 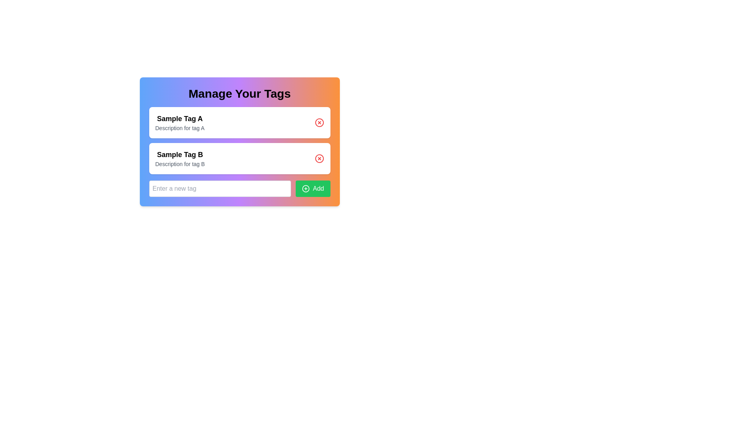 What do you see at coordinates (319, 158) in the screenshot?
I see `the circular component of the delete button icon for the 'Sample Tag B' entry` at bounding box center [319, 158].